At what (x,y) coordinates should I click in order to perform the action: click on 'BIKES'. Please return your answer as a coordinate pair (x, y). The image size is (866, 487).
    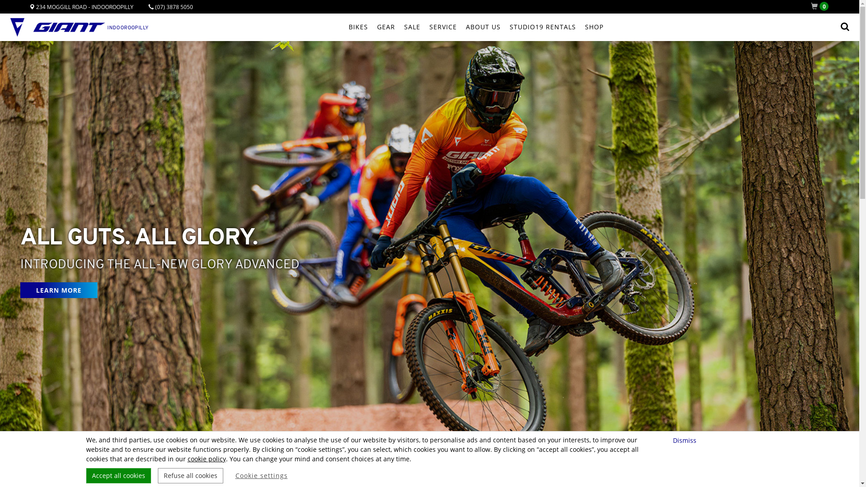
    Looking at the image, I should click on (357, 27).